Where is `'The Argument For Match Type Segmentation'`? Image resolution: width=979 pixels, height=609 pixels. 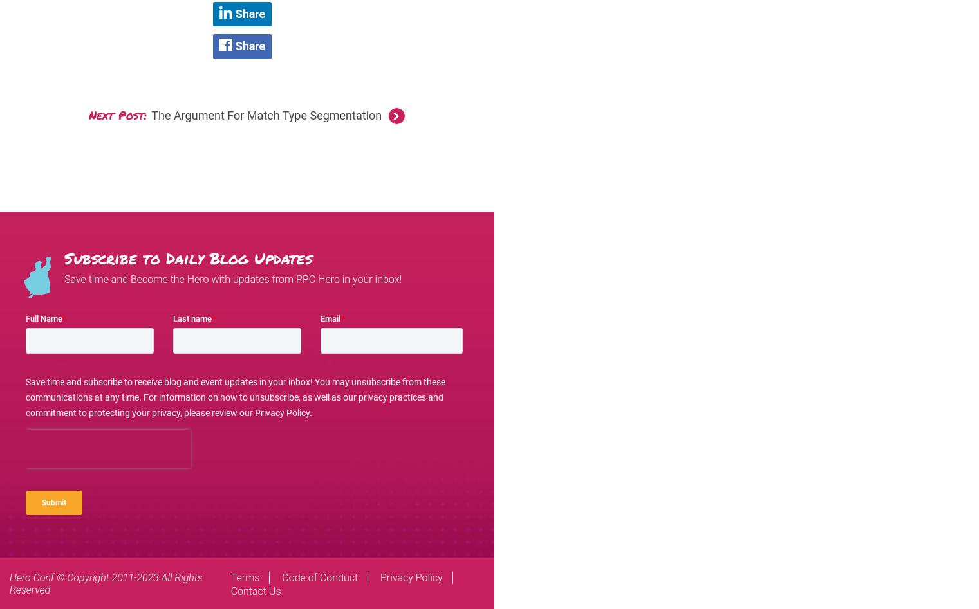
'The Argument For Match Type Segmentation' is located at coordinates (266, 114).